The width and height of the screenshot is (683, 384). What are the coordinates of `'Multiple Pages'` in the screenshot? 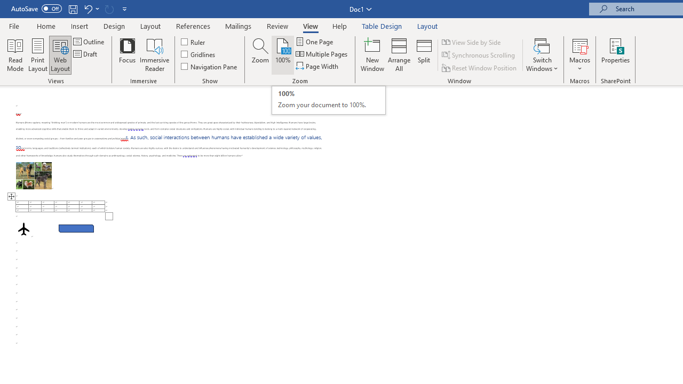 It's located at (322, 54).